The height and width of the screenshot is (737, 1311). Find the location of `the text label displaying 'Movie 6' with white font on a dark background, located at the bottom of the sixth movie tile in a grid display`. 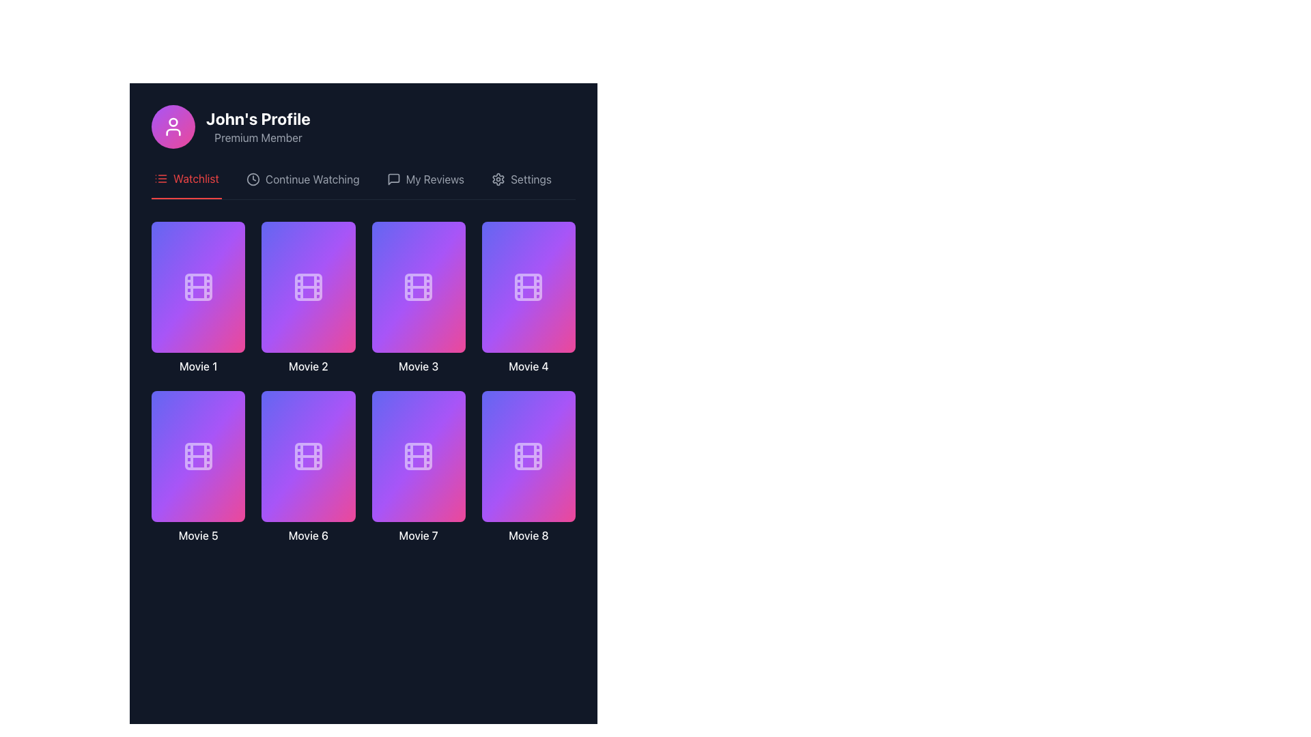

the text label displaying 'Movie 6' with white font on a dark background, located at the bottom of the sixth movie tile in a grid display is located at coordinates (307, 535).